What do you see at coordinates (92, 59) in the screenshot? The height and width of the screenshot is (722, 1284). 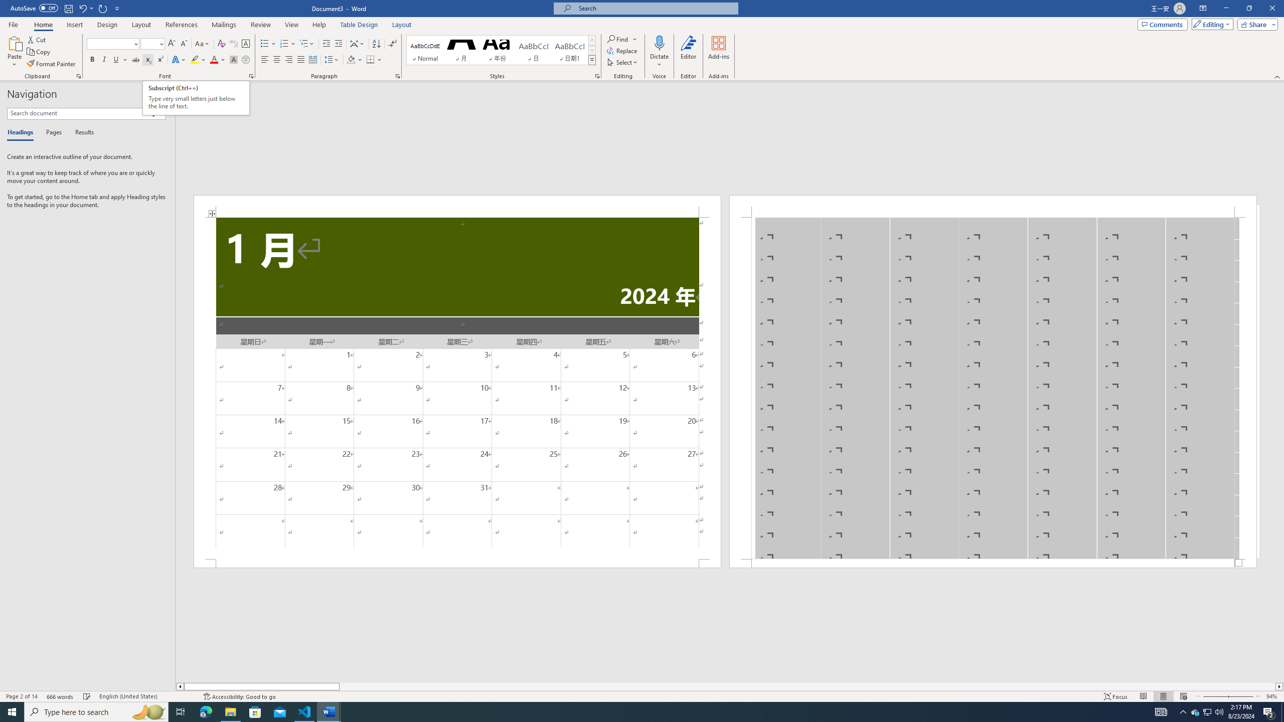 I see `'Bold'` at bounding box center [92, 59].